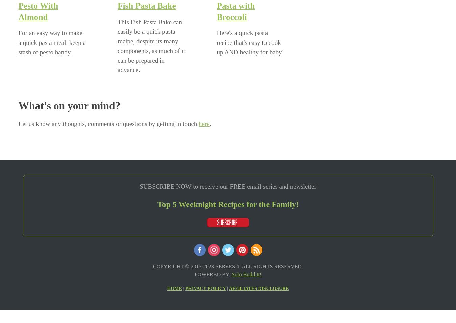 This screenshot has width=456, height=323. I want to click on 'eceive our FREE email series and newsletter', so click(201, 186).